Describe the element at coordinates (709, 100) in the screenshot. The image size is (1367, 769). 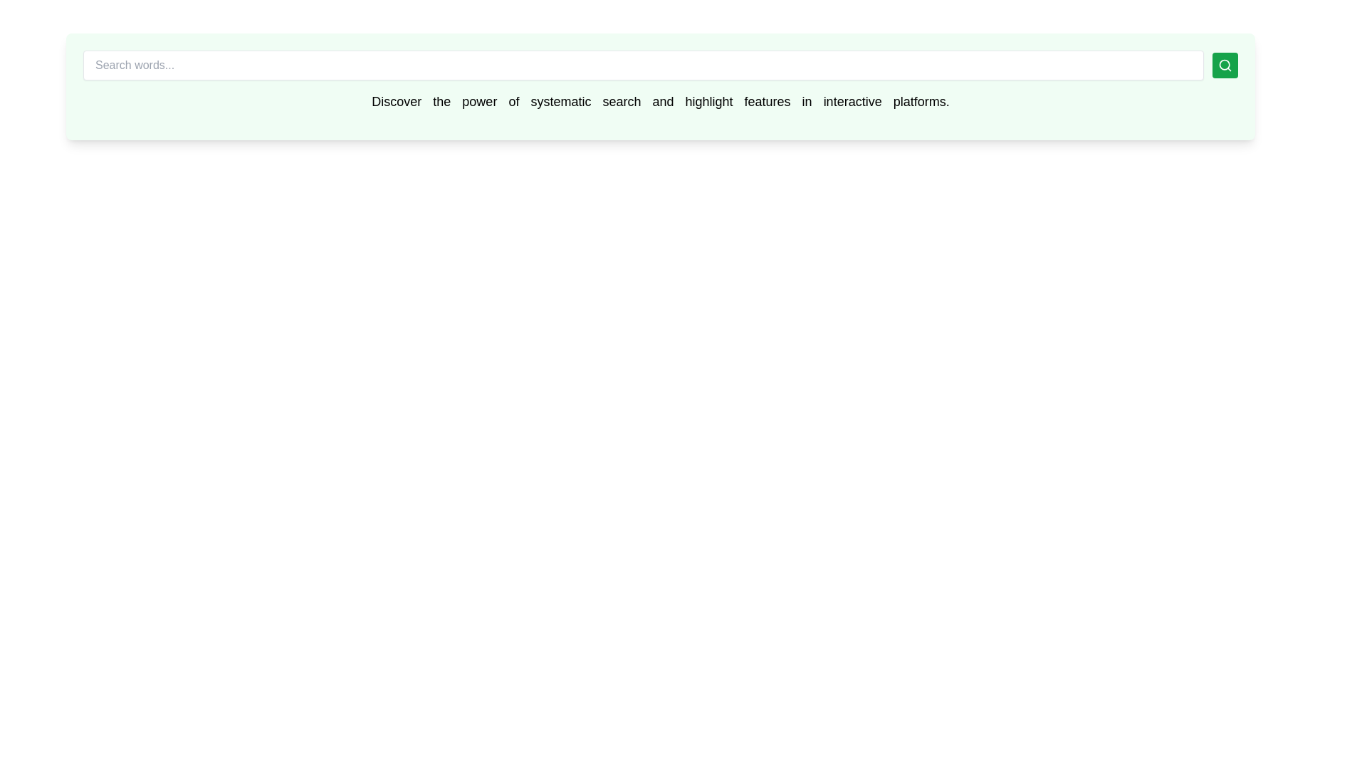
I see `the static text element containing the word 'highlight', displayed on a light green background, positioned slightly below the search bar` at that location.